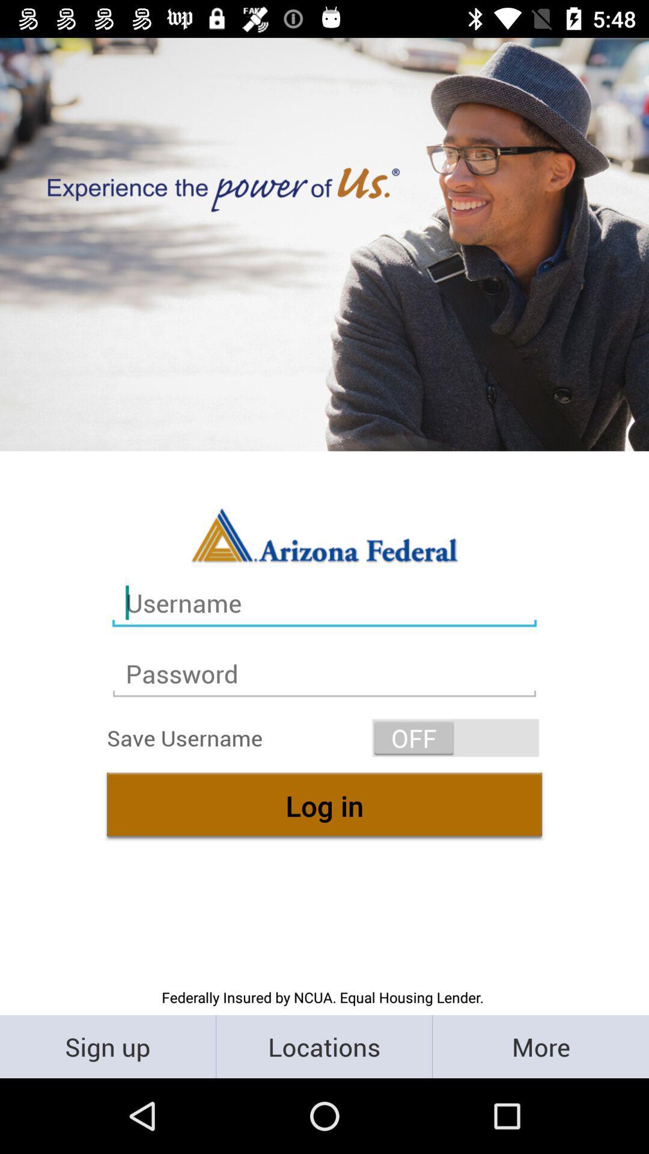 The width and height of the screenshot is (649, 1154). What do you see at coordinates (456, 737) in the screenshot?
I see `the item above log in` at bounding box center [456, 737].